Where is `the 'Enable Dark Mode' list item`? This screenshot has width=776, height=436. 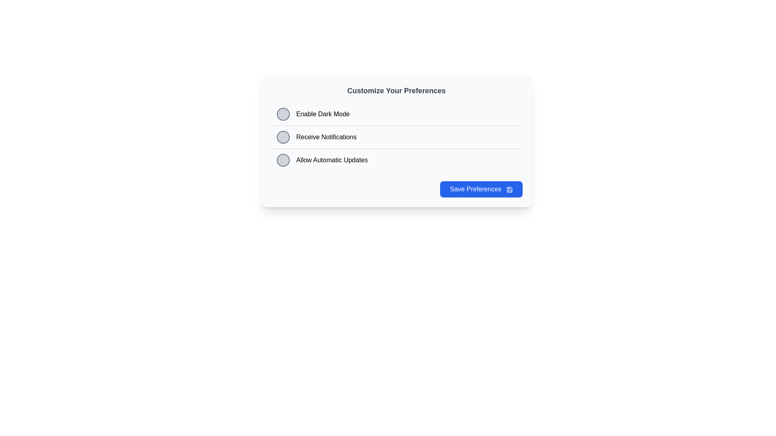
the 'Enable Dark Mode' list item is located at coordinates (396, 114).